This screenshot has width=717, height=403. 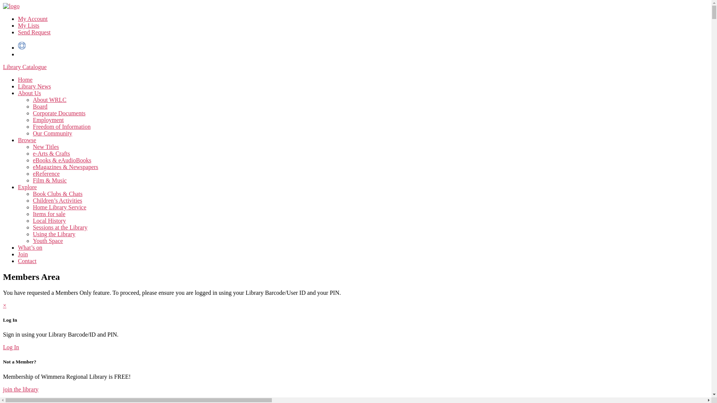 What do you see at coordinates (18, 140) in the screenshot?
I see `'Browse'` at bounding box center [18, 140].